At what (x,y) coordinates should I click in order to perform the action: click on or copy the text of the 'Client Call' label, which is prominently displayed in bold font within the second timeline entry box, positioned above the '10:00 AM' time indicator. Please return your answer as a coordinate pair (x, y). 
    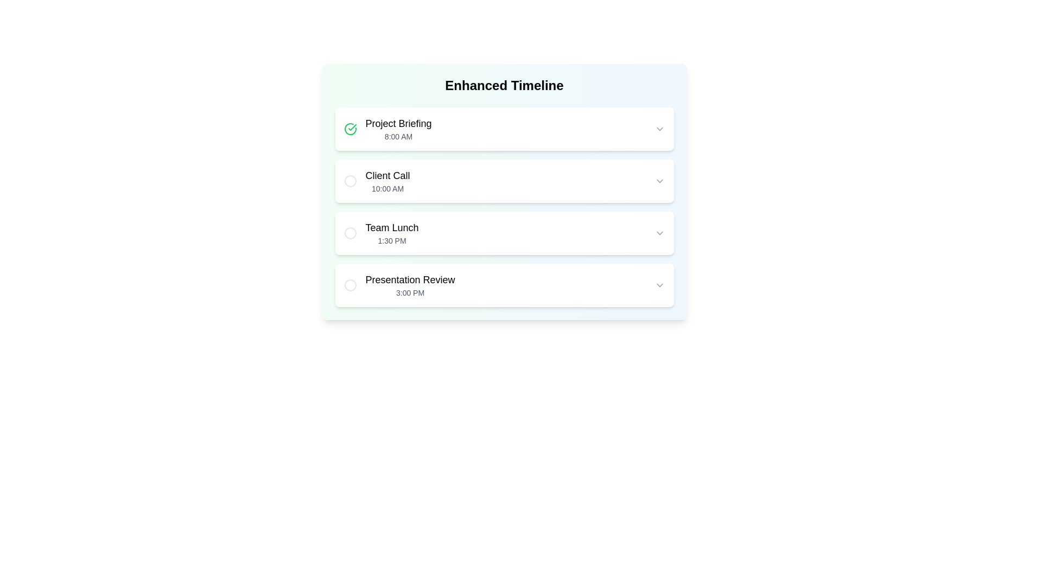
    Looking at the image, I should click on (387, 175).